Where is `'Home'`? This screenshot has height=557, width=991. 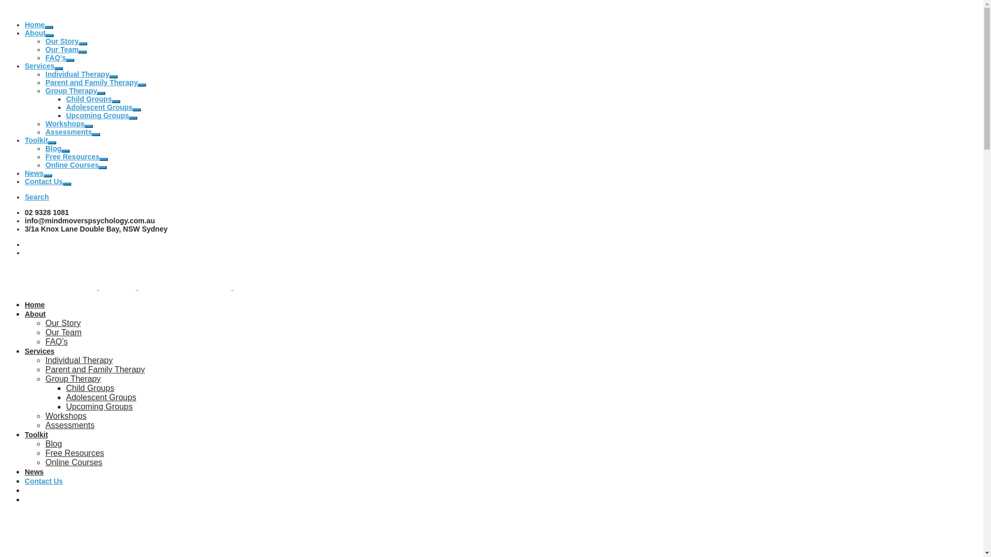
'Home' is located at coordinates (25, 24).